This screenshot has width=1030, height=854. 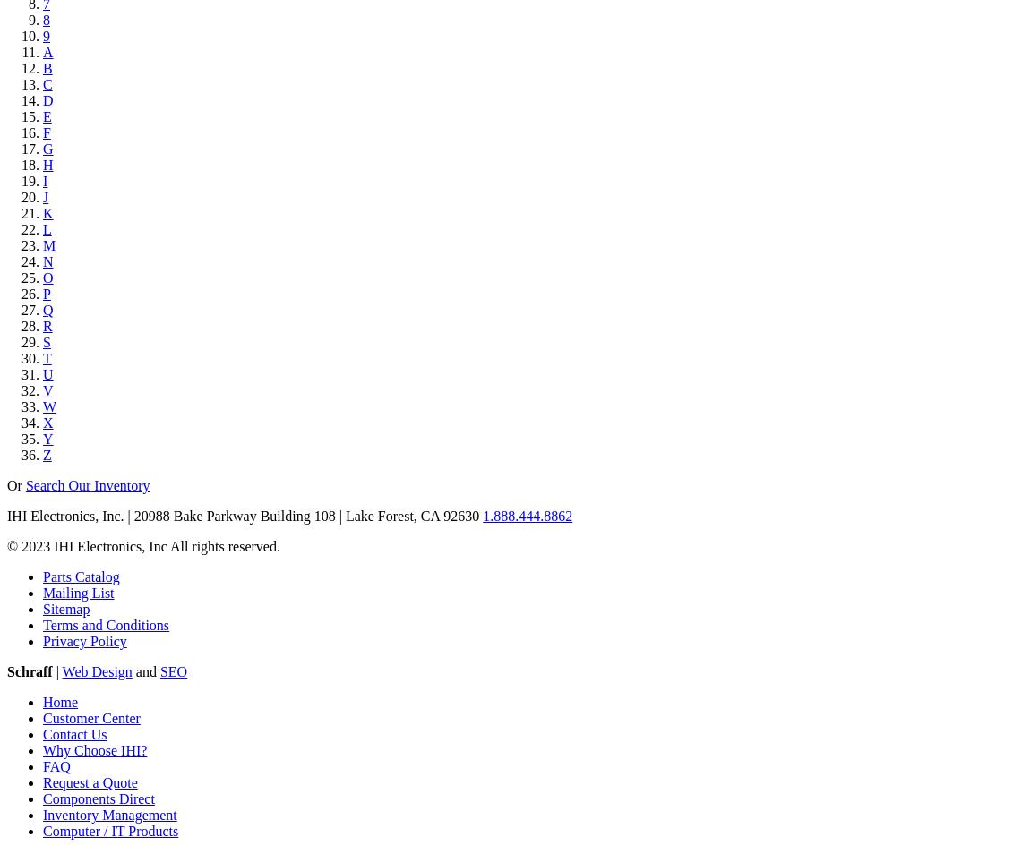 What do you see at coordinates (47, 310) in the screenshot?
I see `'Q'` at bounding box center [47, 310].